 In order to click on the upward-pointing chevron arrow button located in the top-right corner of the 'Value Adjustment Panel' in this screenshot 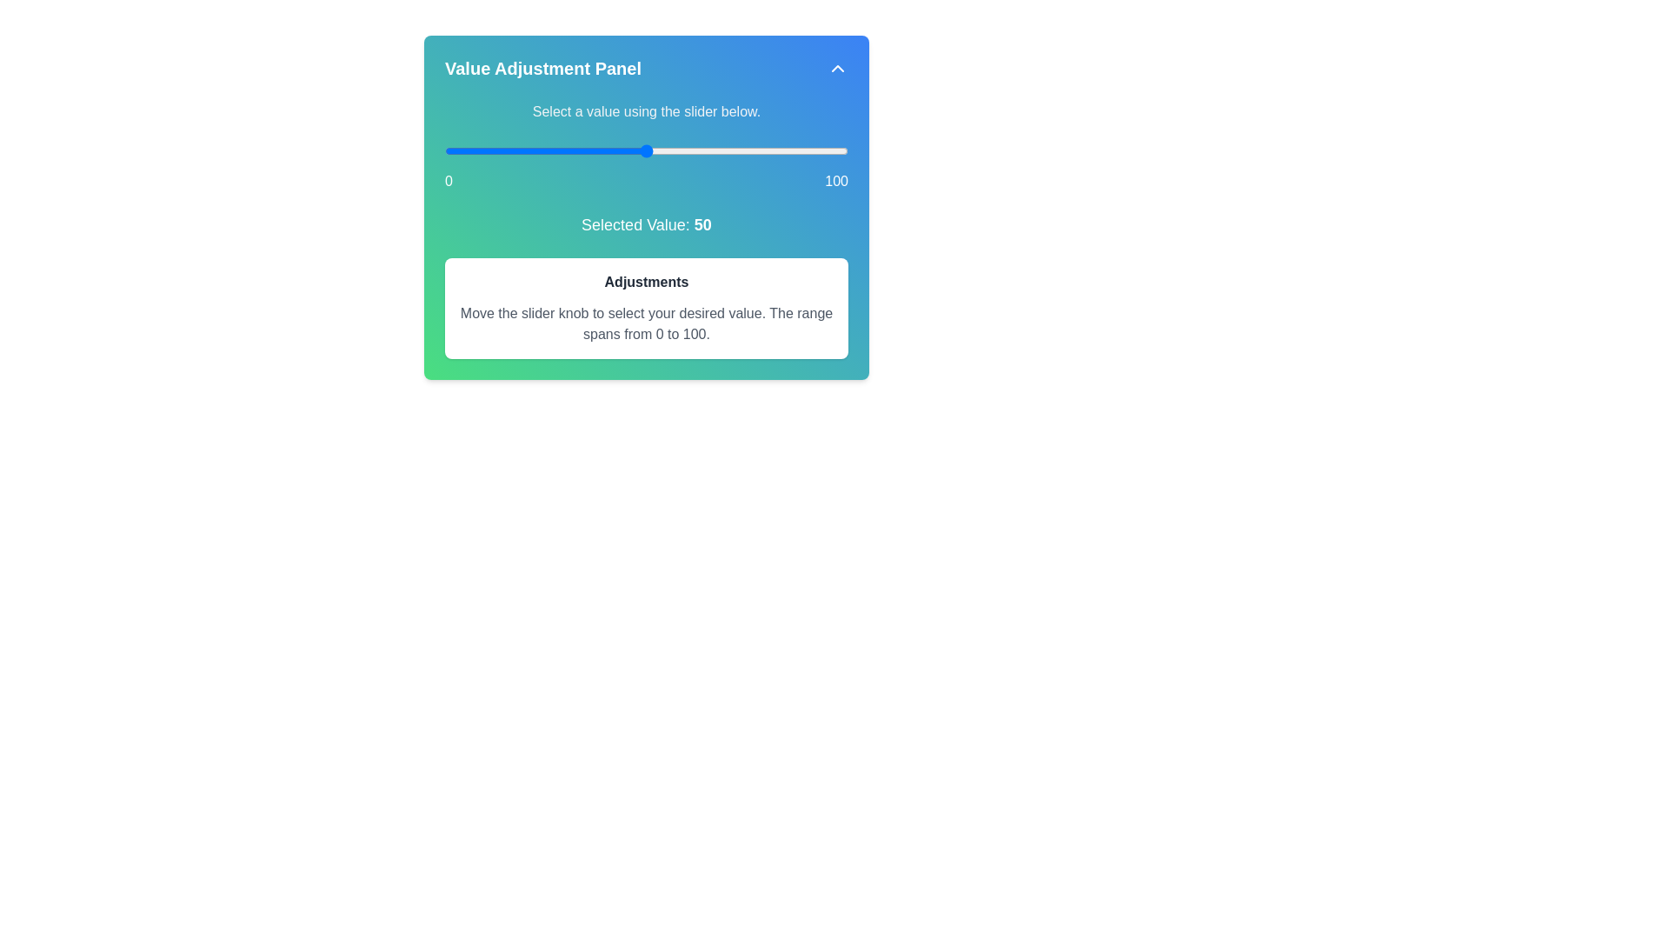, I will do `click(838, 67)`.